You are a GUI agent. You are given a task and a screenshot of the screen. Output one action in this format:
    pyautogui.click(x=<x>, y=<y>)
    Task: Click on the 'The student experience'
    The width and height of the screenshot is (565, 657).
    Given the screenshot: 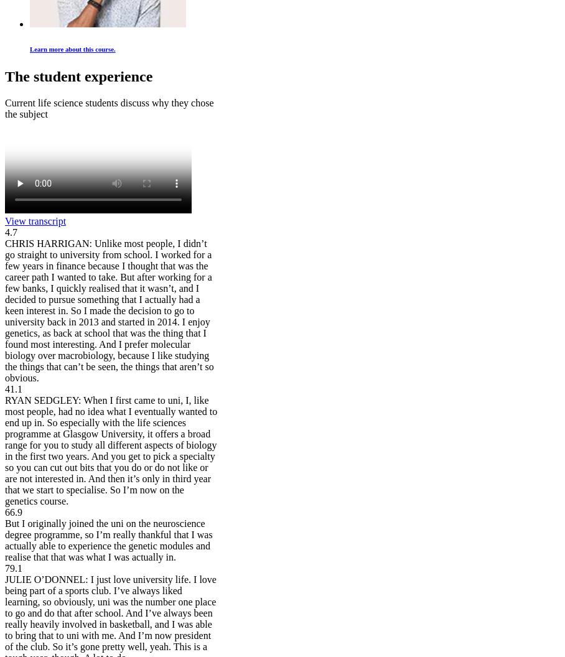 What is the action you would take?
    pyautogui.click(x=78, y=76)
    